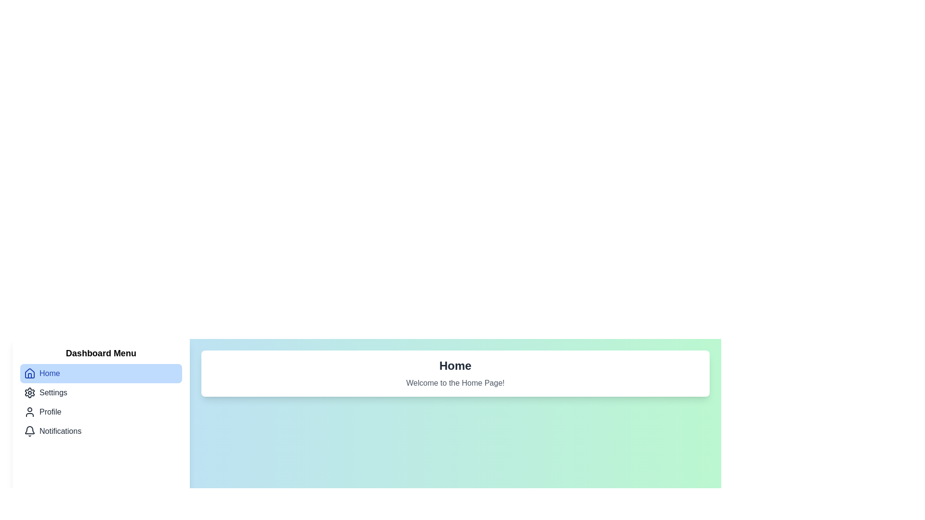  What do you see at coordinates (101, 430) in the screenshot?
I see `the button corresponding to the selected section Notifications` at bounding box center [101, 430].